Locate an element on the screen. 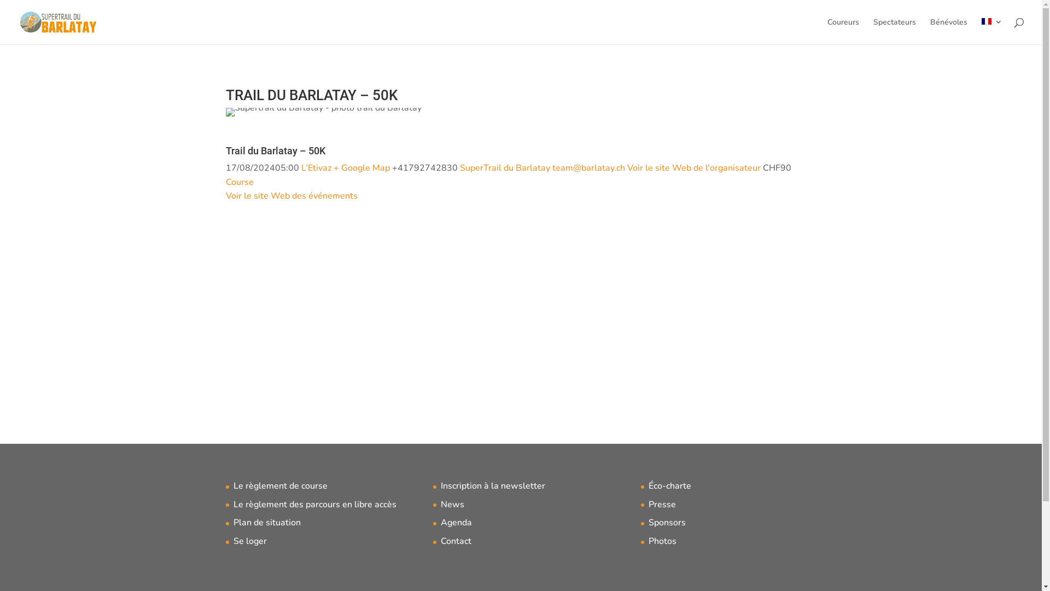  'Voir le site Web de l'organisateur' is located at coordinates (692, 168).